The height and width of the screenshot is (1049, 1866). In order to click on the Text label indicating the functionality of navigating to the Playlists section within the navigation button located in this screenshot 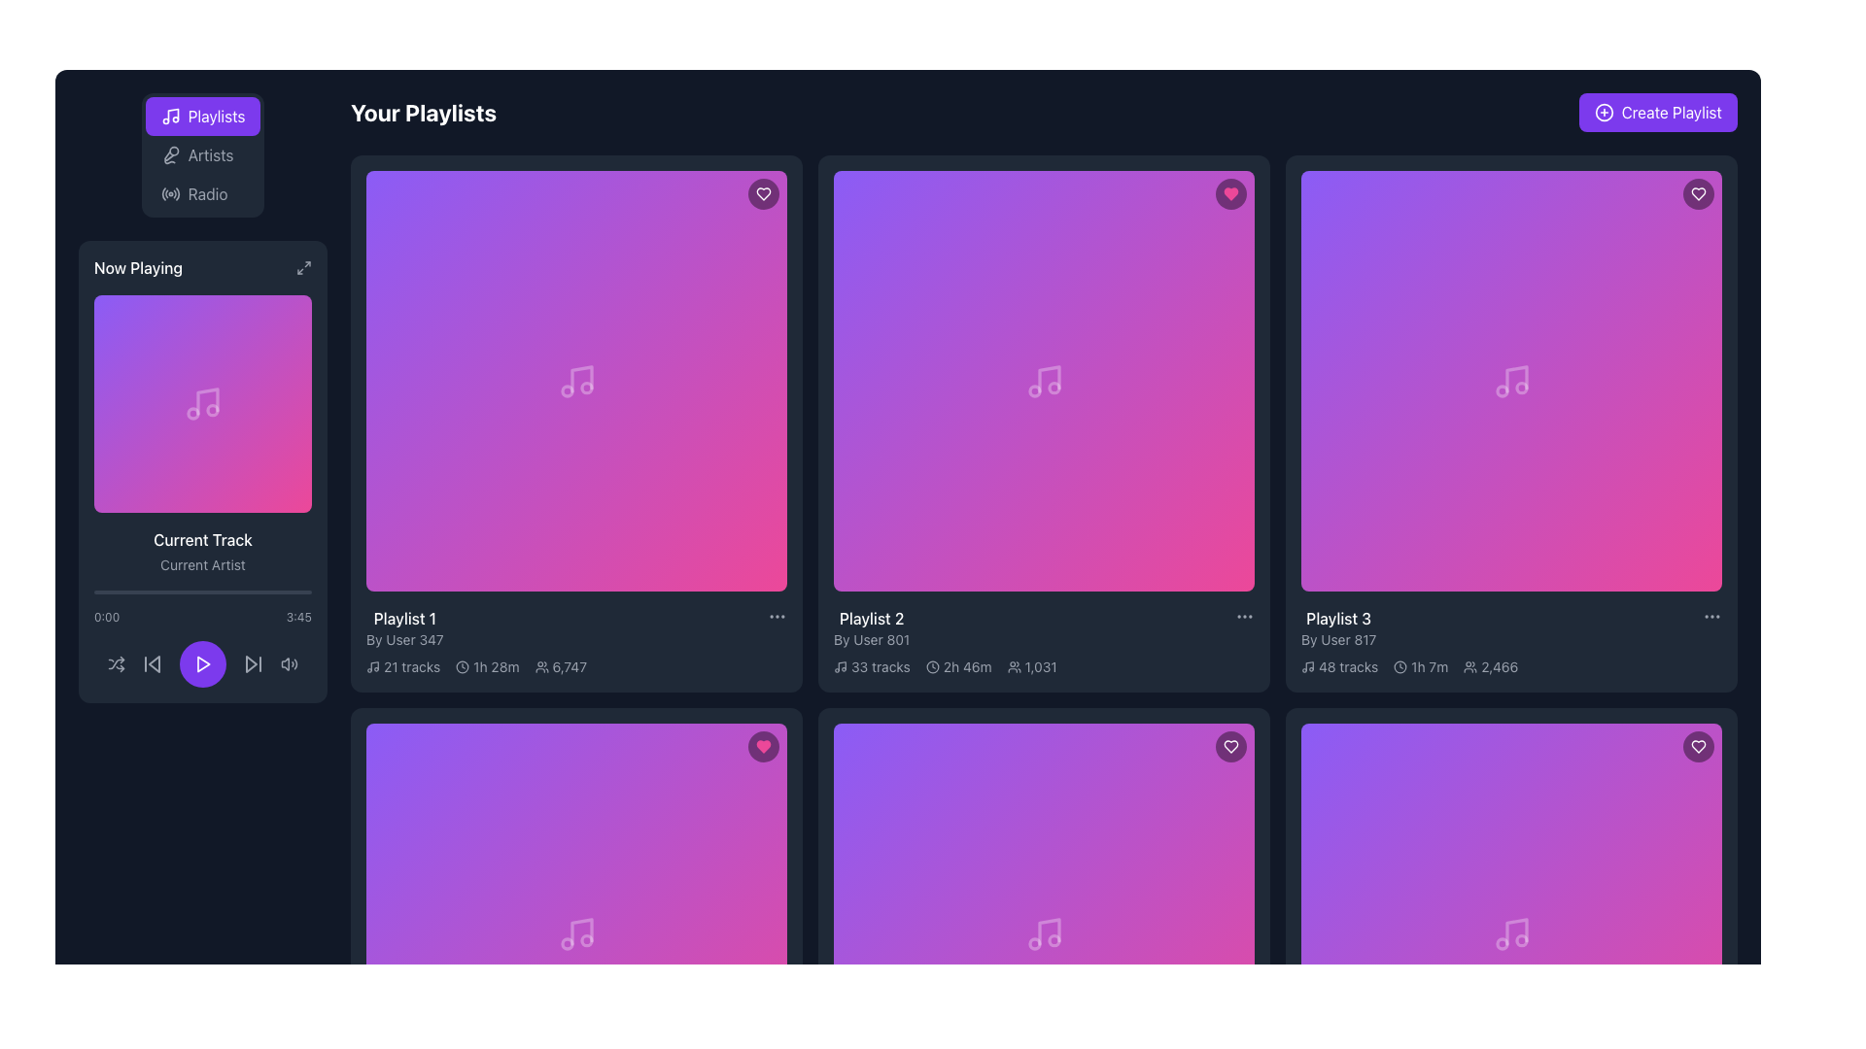, I will do `click(216, 116)`.